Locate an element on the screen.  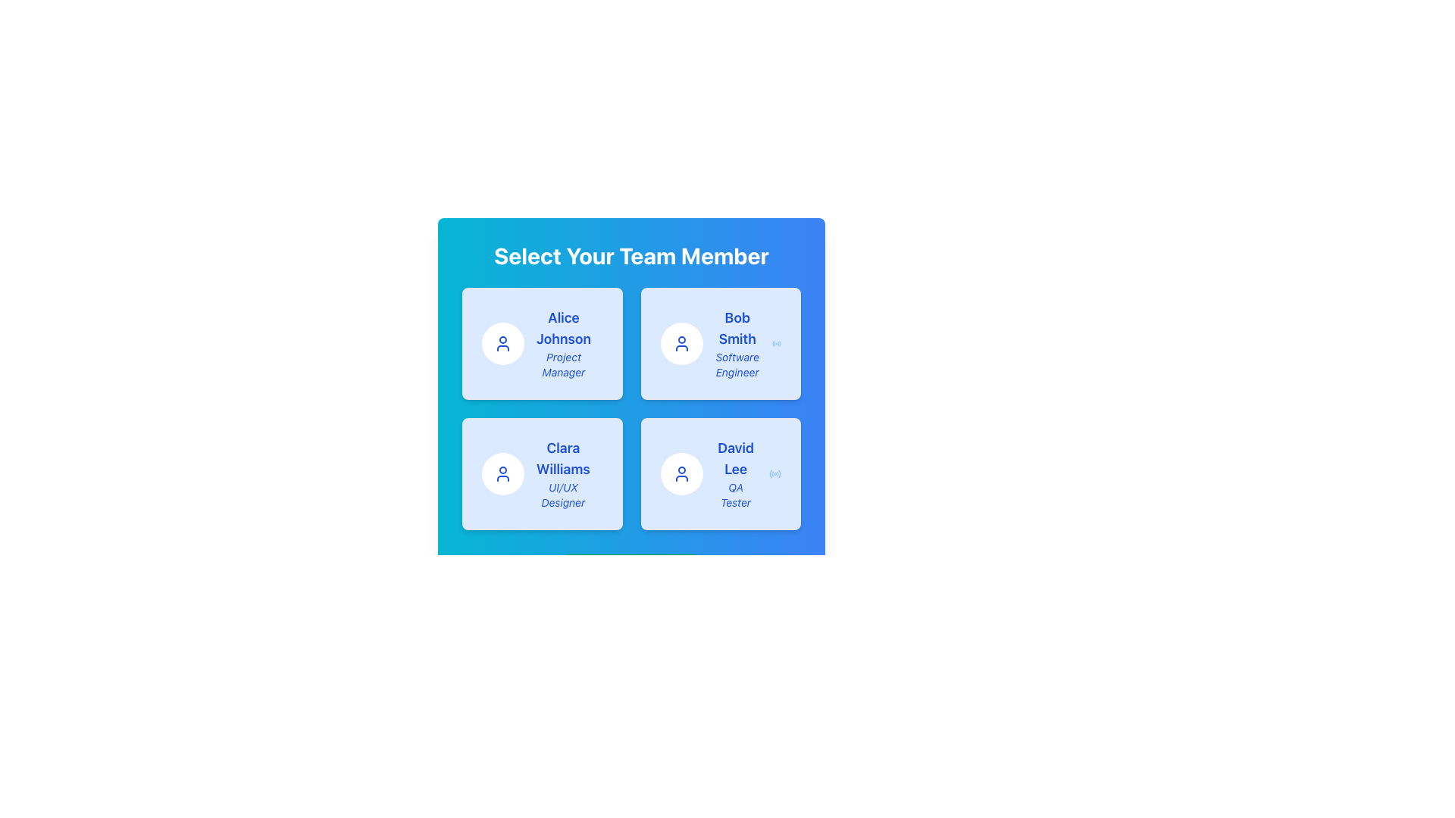
the Selectable Card featuring a light blue background, a white circular user icon, the name 'David Lee' in bold blue text, and the role 'QA Tester' in italicized smaller text, located in the bottom-right quadrant of the grid layout is located at coordinates (720, 473).